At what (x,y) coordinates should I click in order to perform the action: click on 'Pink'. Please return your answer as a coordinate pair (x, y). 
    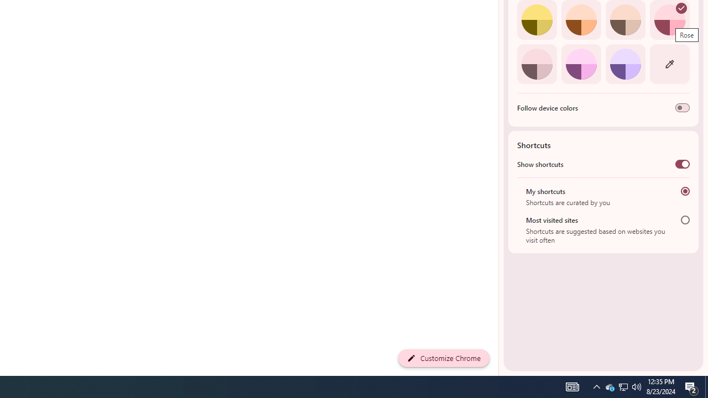
    Looking at the image, I should click on (537, 64).